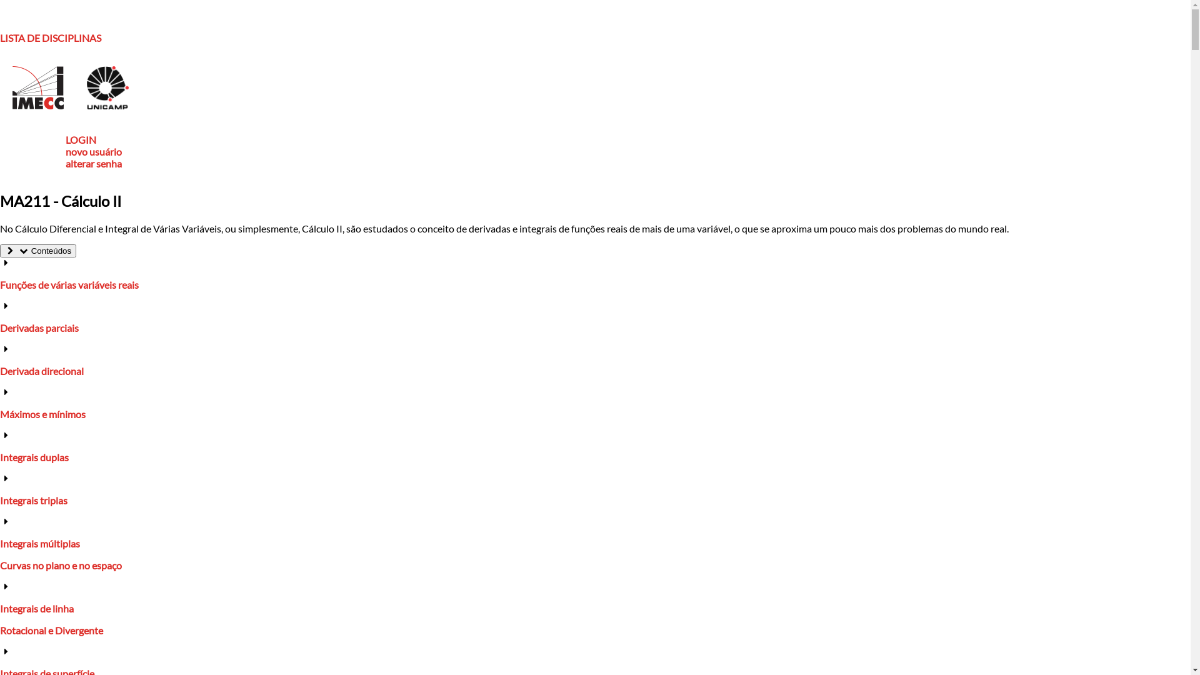 The image size is (1200, 675). Describe the element at coordinates (33, 499) in the screenshot. I see `'Integrais triplas'` at that location.